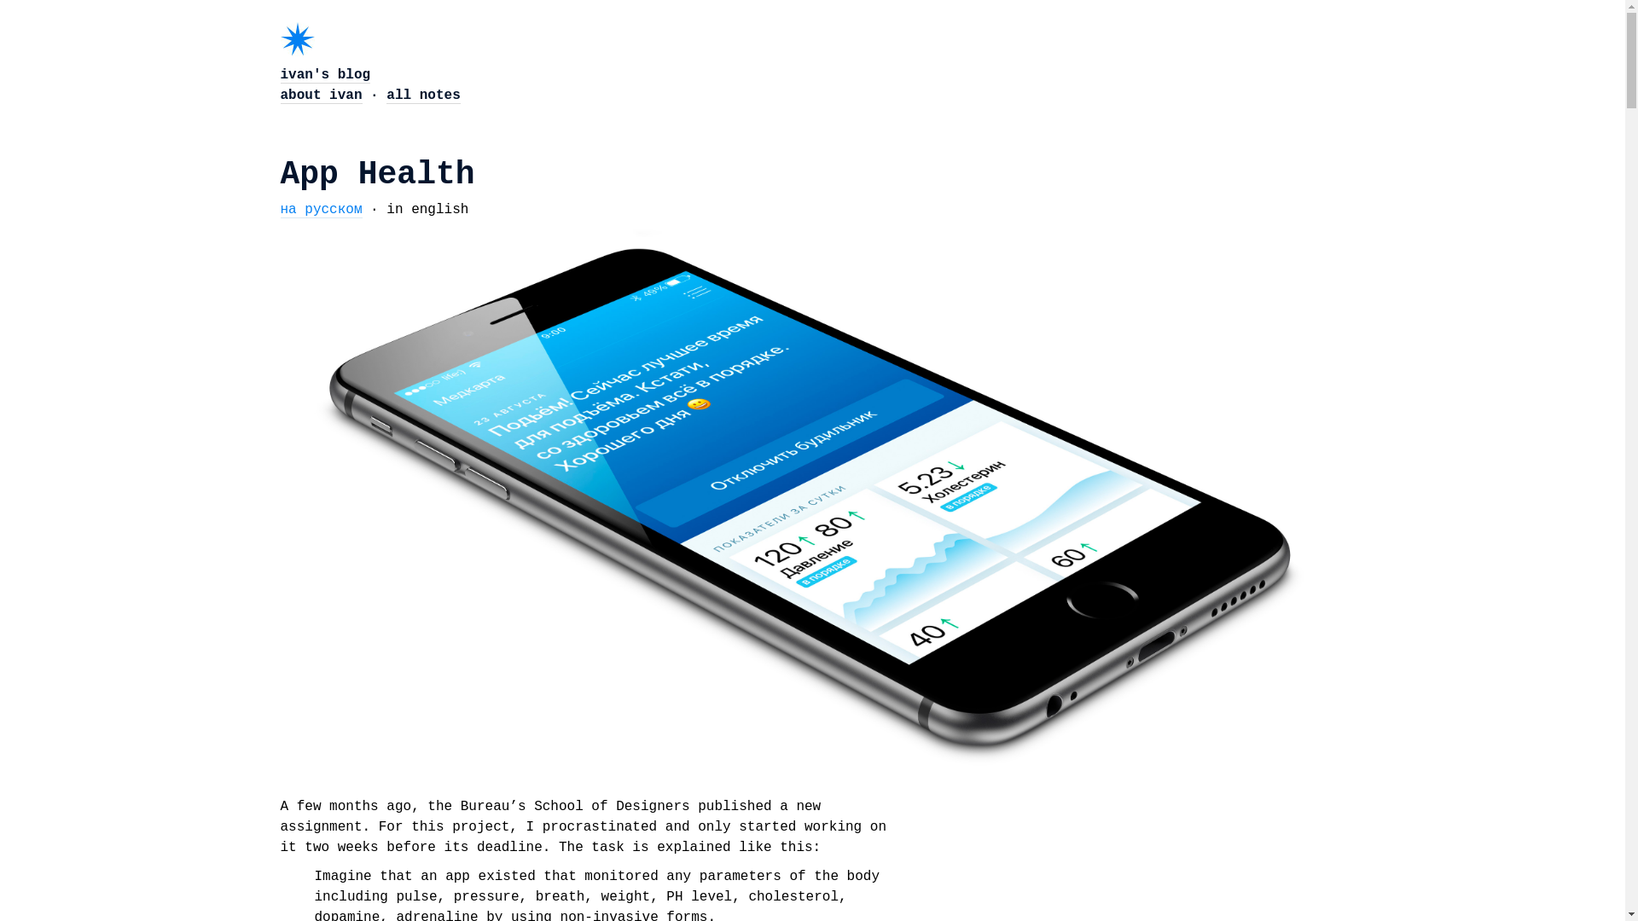  What do you see at coordinates (320, 96) in the screenshot?
I see `'about ivan'` at bounding box center [320, 96].